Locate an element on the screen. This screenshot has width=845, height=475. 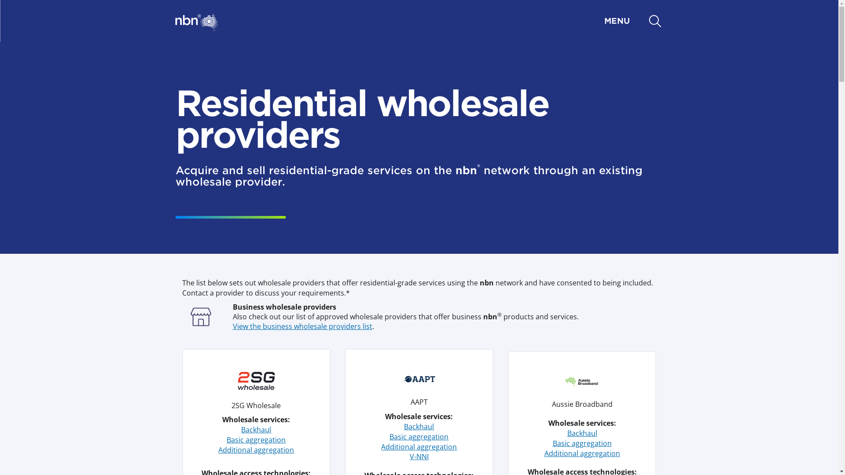
'V-NNI' is located at coordinates (409, 456).